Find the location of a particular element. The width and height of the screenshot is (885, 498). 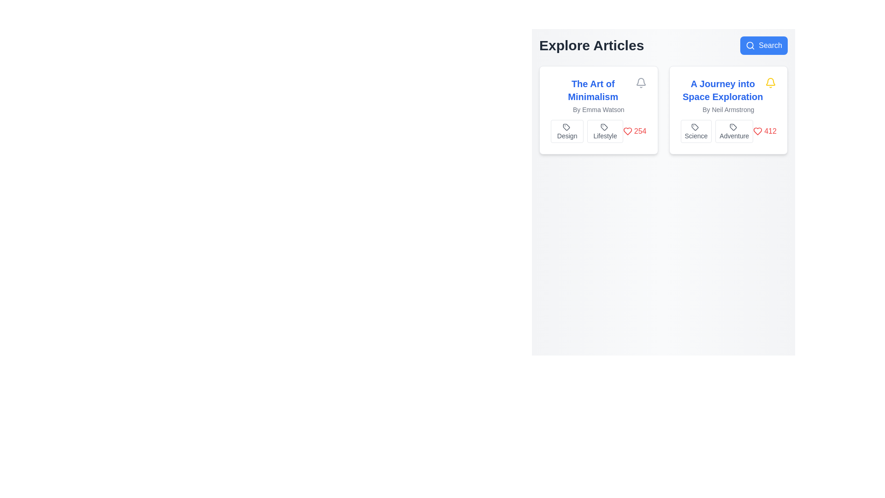

the icon resembling a tag symbol is located at coordinates (604, 127).